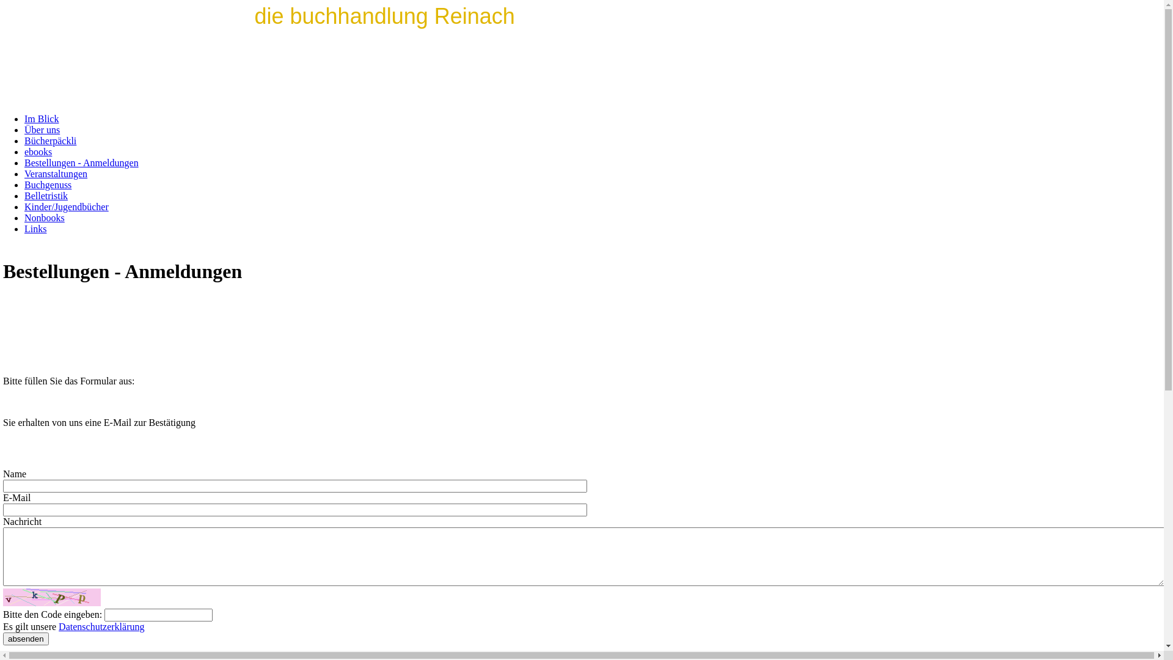  What do you see at coordinates (26, 638) in the screenshot?
I see `'absenden'` at bounding box center [26, 638].